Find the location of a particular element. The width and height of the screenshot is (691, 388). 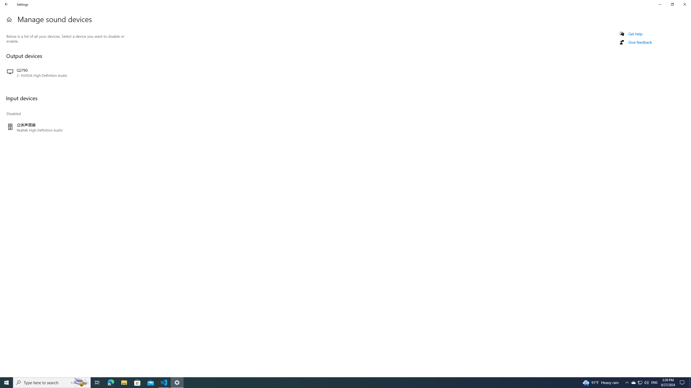

'Settings - 1 running window' is located at coordinates (177, 382).